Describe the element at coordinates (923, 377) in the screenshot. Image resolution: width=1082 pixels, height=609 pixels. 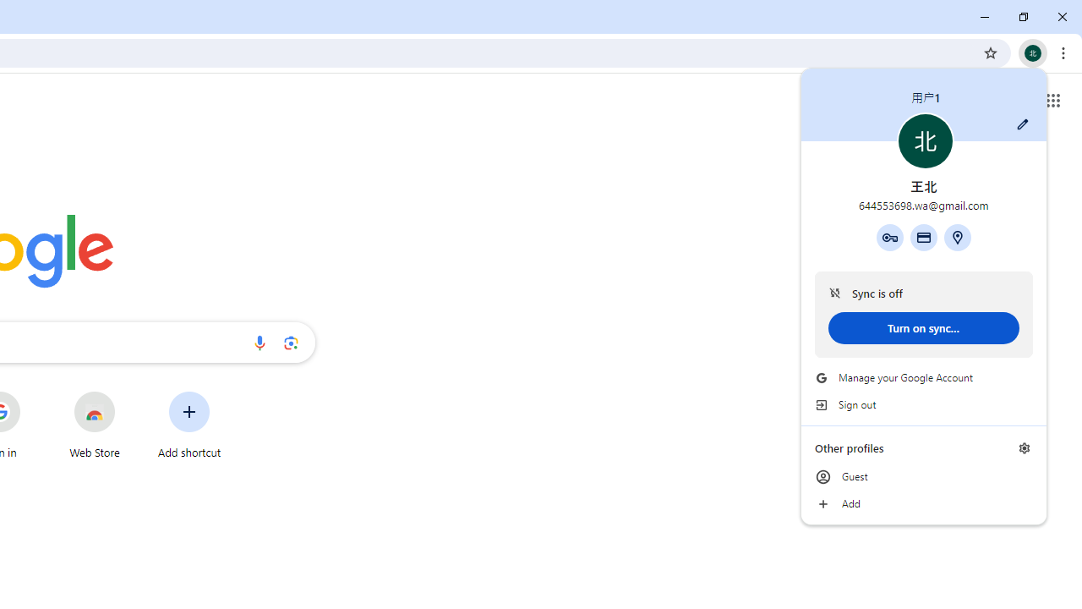
I see `'Manage your Google Account'` at that location.